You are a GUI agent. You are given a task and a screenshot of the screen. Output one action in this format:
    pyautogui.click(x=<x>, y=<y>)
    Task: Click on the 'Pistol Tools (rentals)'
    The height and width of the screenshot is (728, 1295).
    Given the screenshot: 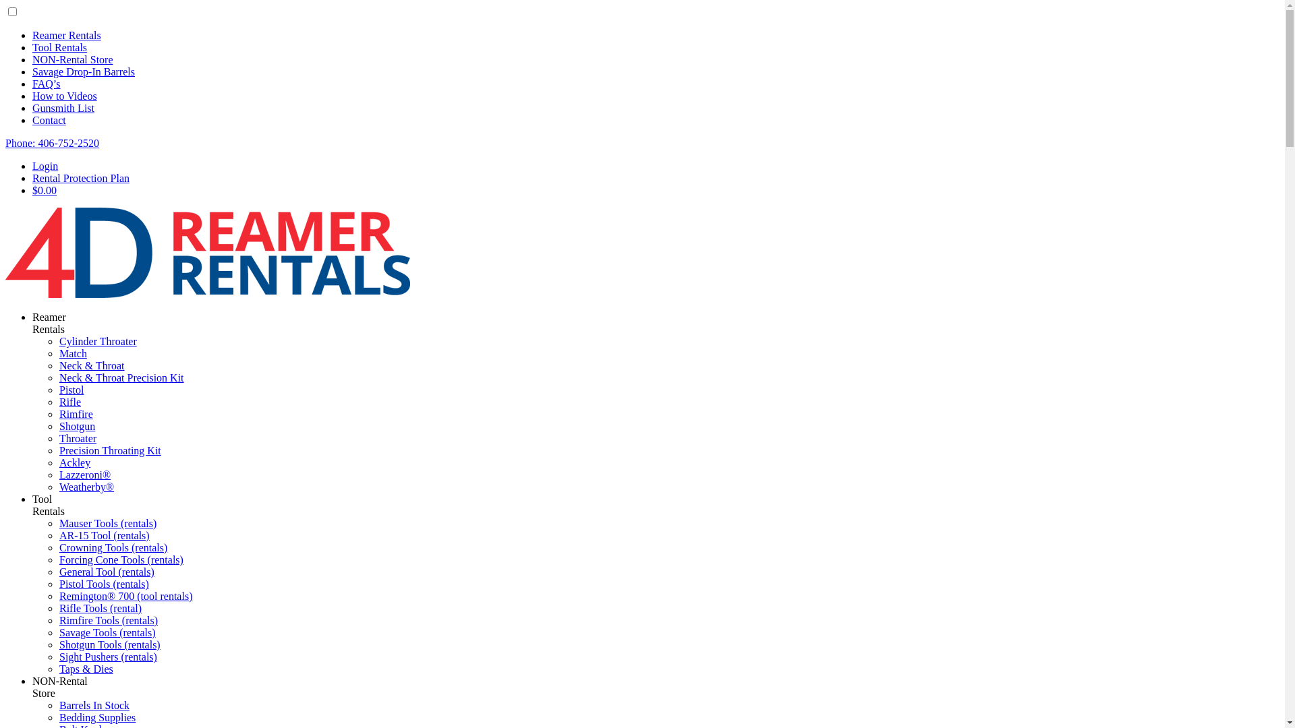 What is the action you would take?
    pyautogui.click(x=103, y=583)
    